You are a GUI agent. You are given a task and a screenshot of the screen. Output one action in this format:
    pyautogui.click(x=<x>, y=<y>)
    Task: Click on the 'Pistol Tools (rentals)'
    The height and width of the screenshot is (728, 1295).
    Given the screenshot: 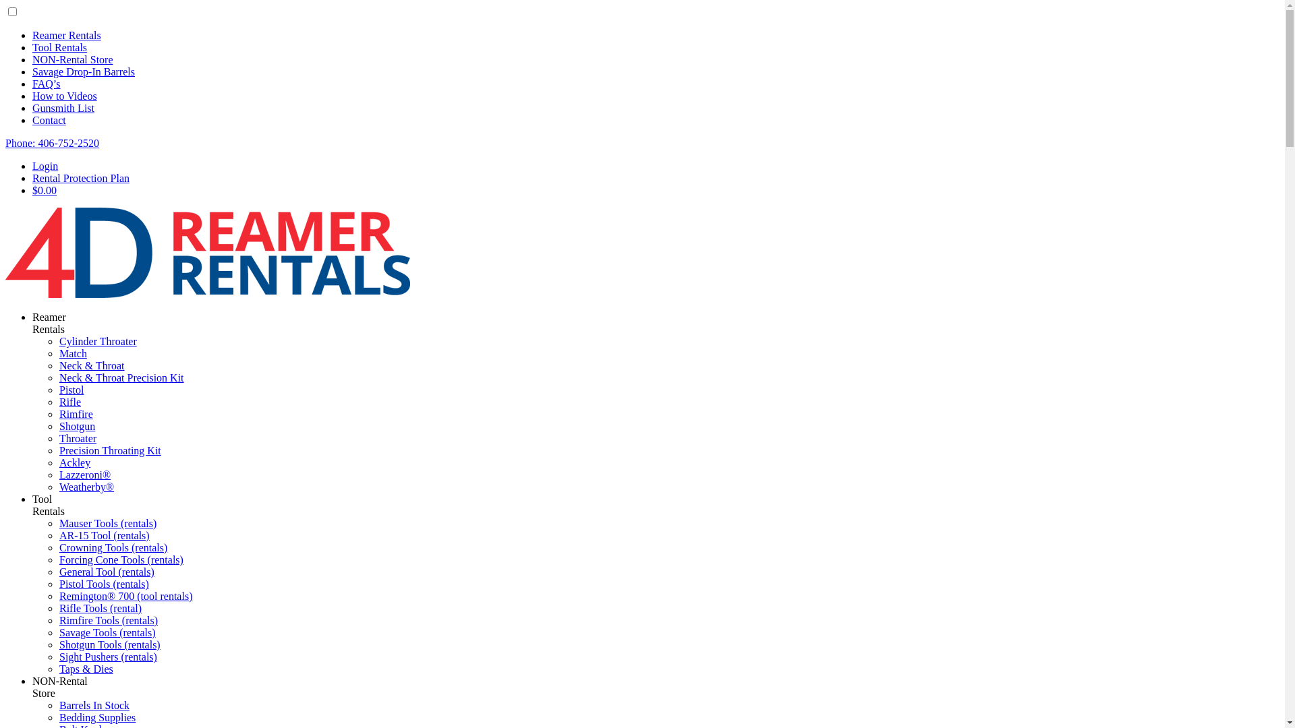 What is the action you would take?
    pyautogui.click(x=103, y=583)
    